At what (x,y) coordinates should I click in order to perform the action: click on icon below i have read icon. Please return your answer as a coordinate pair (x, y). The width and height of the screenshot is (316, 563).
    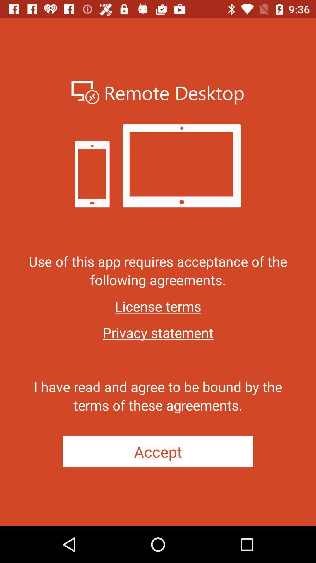
    Looking at the image, I should click on (158, 451).